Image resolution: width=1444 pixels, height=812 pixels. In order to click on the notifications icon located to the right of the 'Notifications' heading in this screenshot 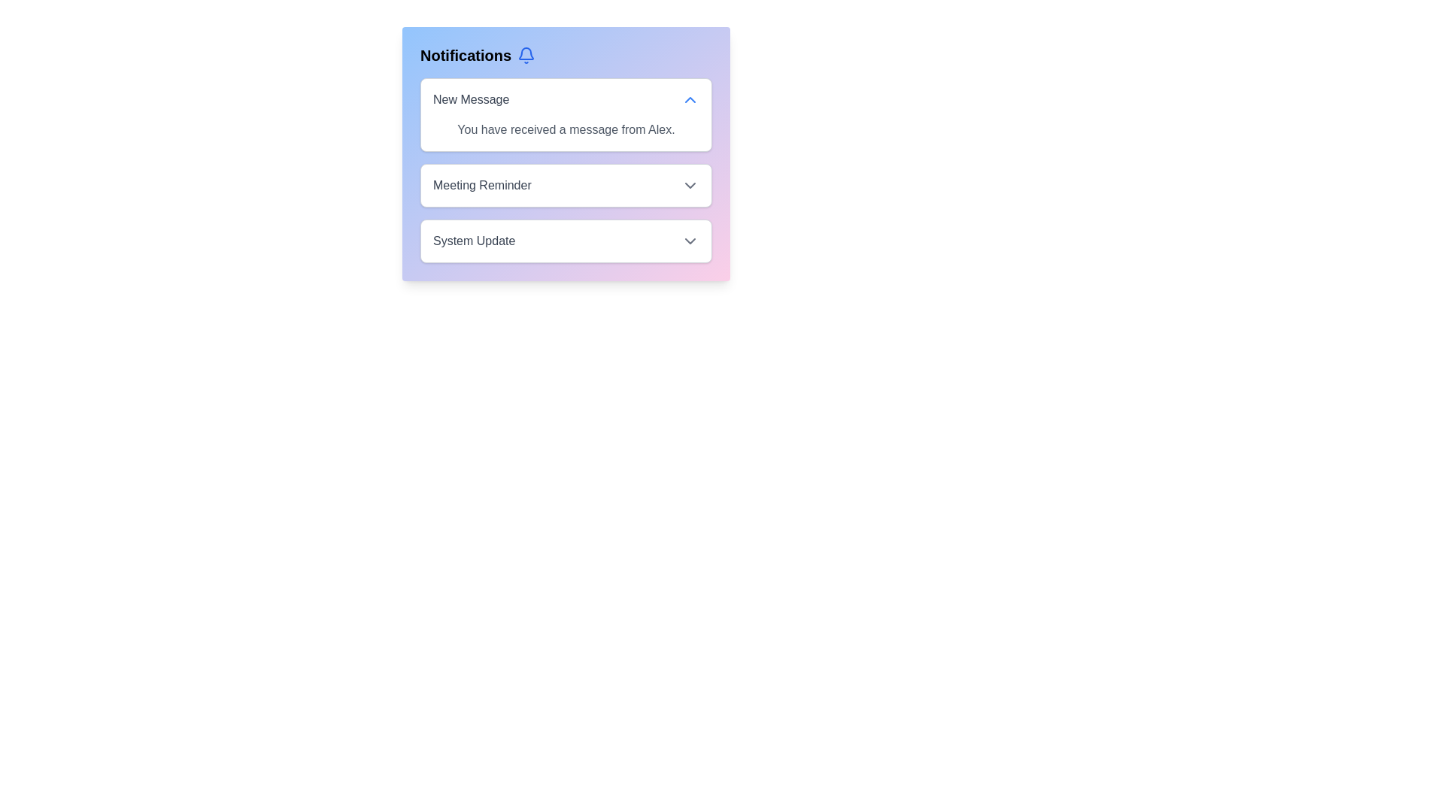, I will do `click(526, 54)`.